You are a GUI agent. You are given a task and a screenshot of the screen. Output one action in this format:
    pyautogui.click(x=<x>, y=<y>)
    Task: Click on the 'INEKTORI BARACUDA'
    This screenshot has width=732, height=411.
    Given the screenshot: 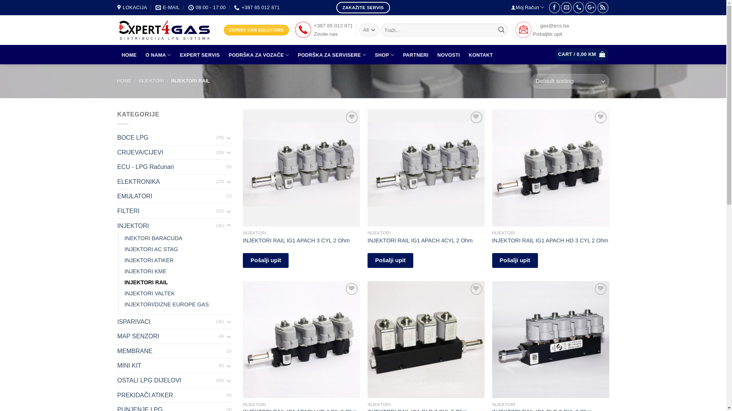 What is the action you would take?
    pyautogui.click(x=153, y=238)
    